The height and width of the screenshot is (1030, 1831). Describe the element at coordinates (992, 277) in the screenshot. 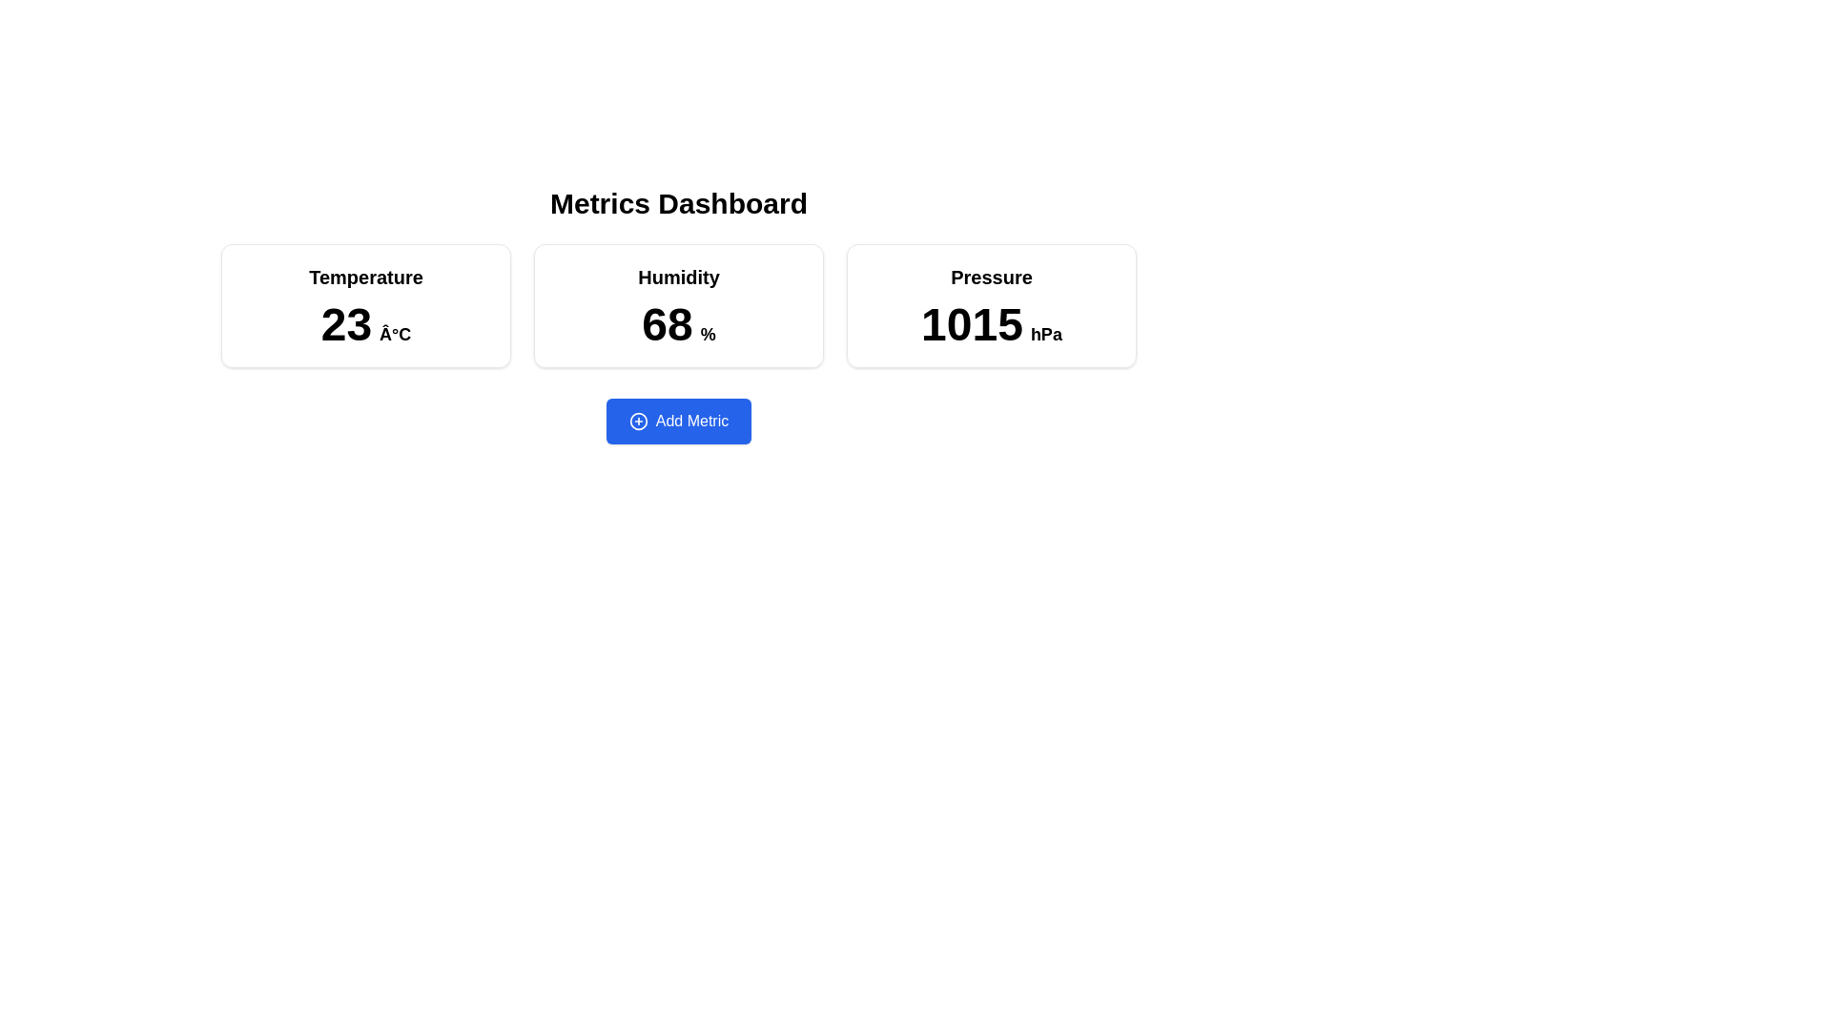

I see `the 'Pressure' text label, which is styled in bold and large font, located in the top-right of a three-item grid, above the numerical value '1015 hPa'` at that location.